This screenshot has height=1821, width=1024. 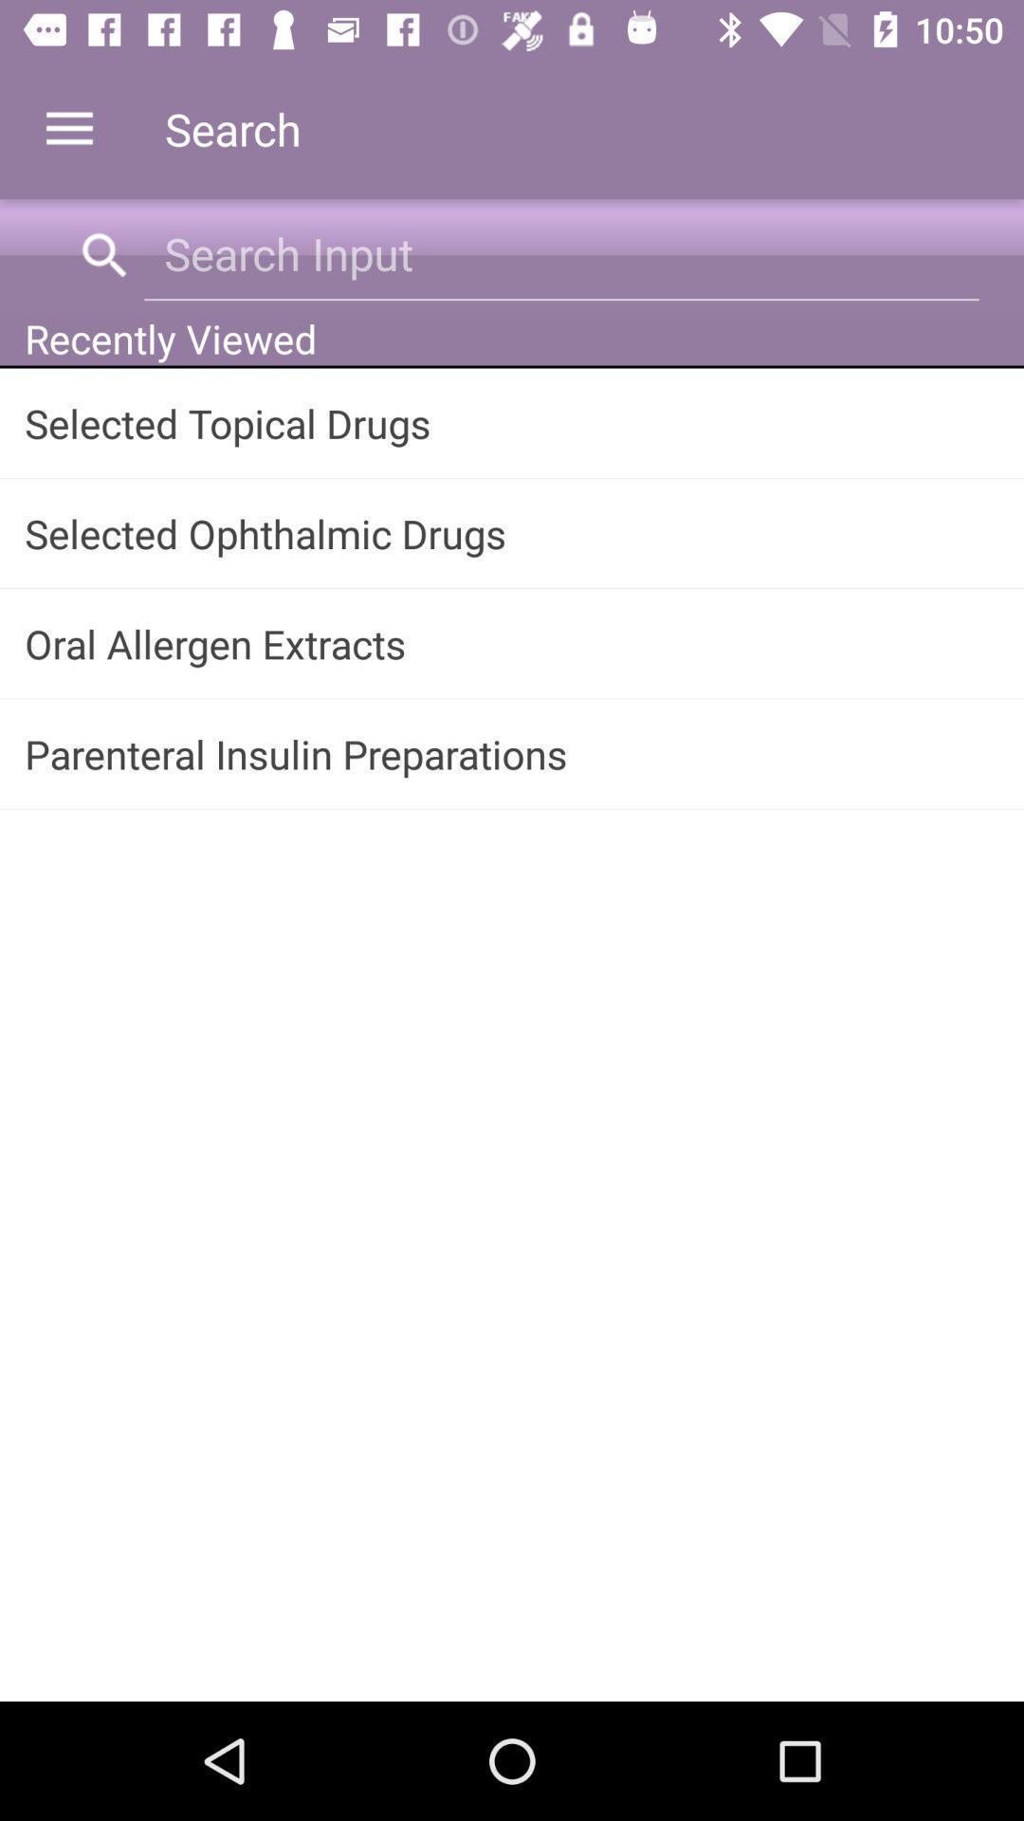 What do you see at coordinates (560, 252) in the screenshot?
I see `search input` at bounding box center [560, 252].